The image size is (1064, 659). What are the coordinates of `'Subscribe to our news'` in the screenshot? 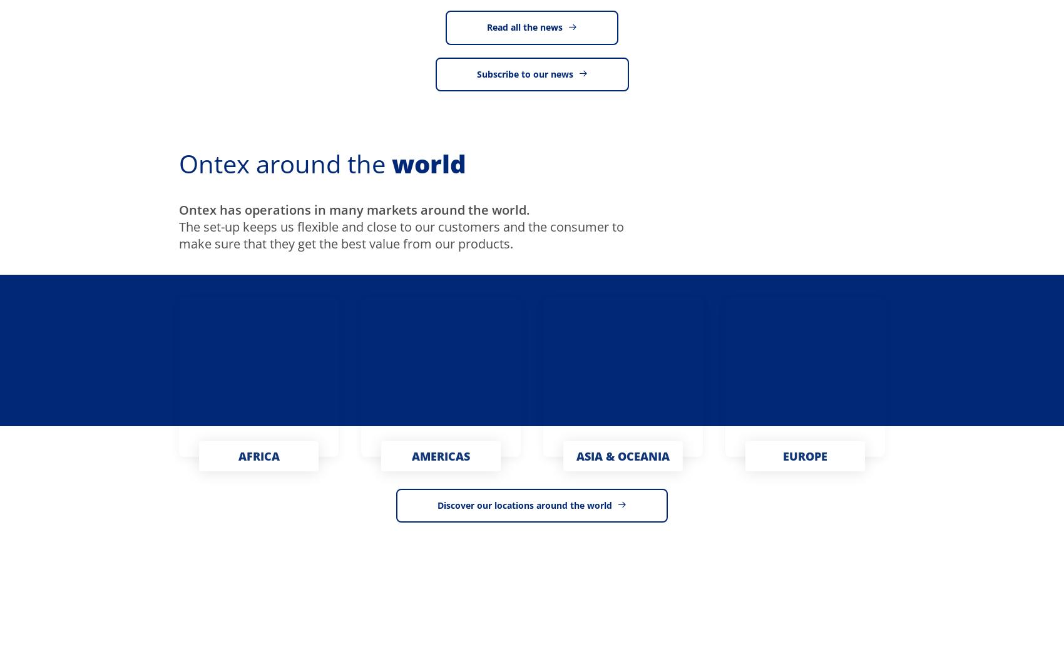 It's located at (523, 74).